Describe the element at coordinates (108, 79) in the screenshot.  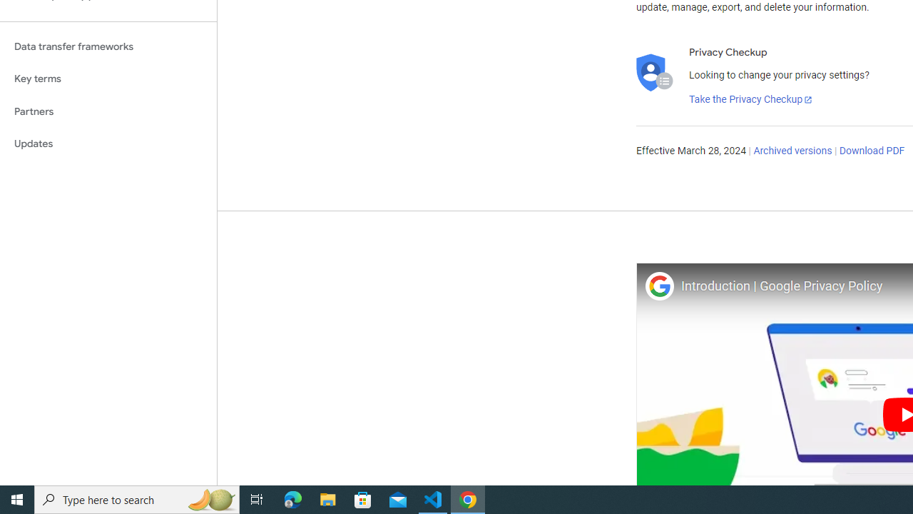
I see `'Key terms'` at that location.